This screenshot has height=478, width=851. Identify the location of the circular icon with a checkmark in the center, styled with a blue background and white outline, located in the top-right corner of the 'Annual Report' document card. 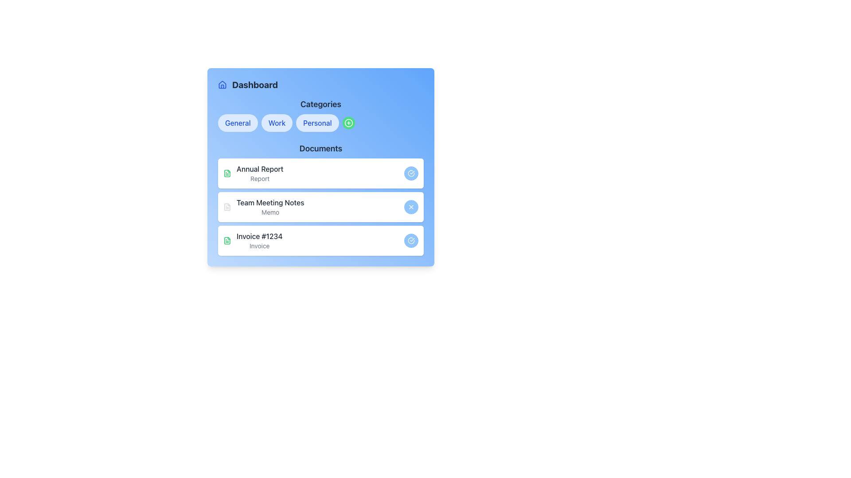
(410, 173).